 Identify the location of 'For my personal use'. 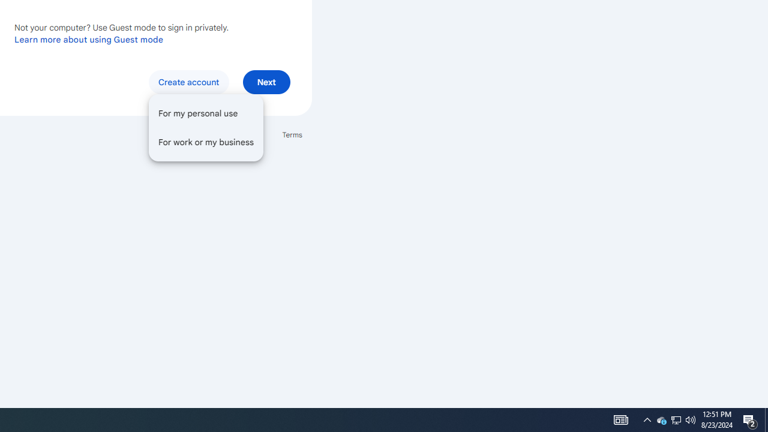
(206, 113).